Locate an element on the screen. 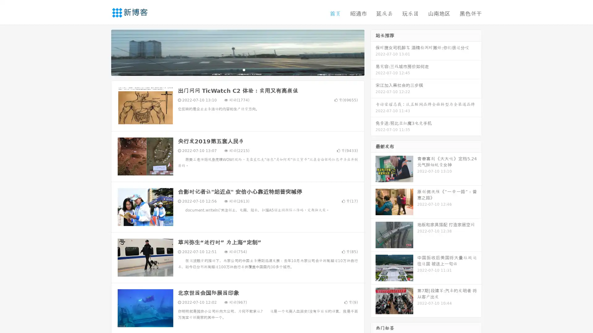  Go to slide 2 is located at coordinates (237, 69).